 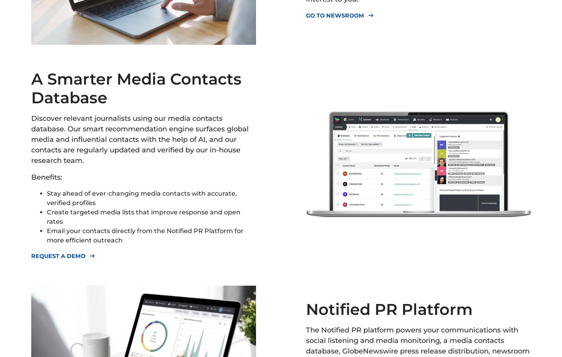 I want to click on 'Notified PR Platform', so click(x=306, y=309).